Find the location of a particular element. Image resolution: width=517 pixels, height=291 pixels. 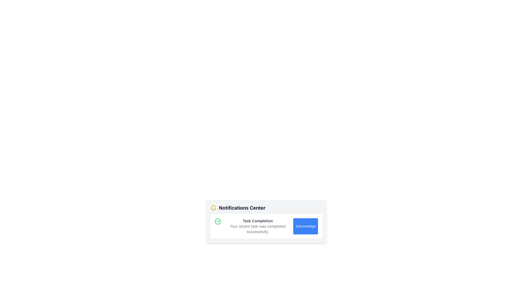

the Notification panel which features a bell icon, bold text 'Notifications Center', a green circle check icon, description 'Your recent task was completed successfully.', and a blue button labeled 'Acknowledge' is located at coordinates (266, 221).